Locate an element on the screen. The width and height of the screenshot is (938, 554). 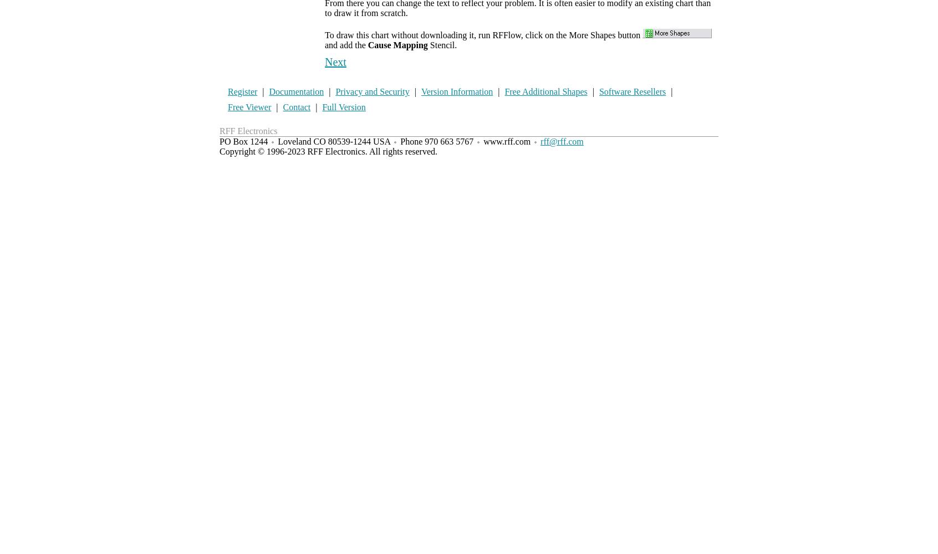
'Register' is located at coordinates (242, 91).